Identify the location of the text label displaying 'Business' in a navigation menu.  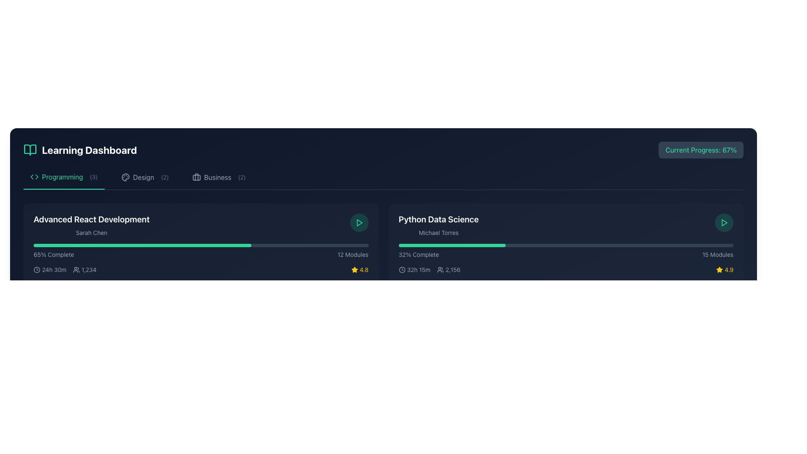
(218, 177).